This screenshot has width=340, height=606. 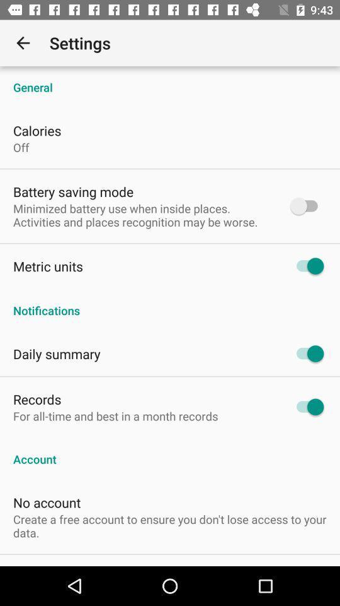 What do you see at coordinates (23, 43) in the screenshot?
I see `app to the left of settings item` at bounding box center [23, 43].